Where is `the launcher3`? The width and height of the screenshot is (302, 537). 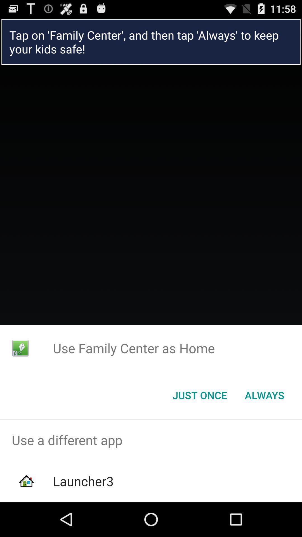
the launcher3 is located at coordinates (83, 481).